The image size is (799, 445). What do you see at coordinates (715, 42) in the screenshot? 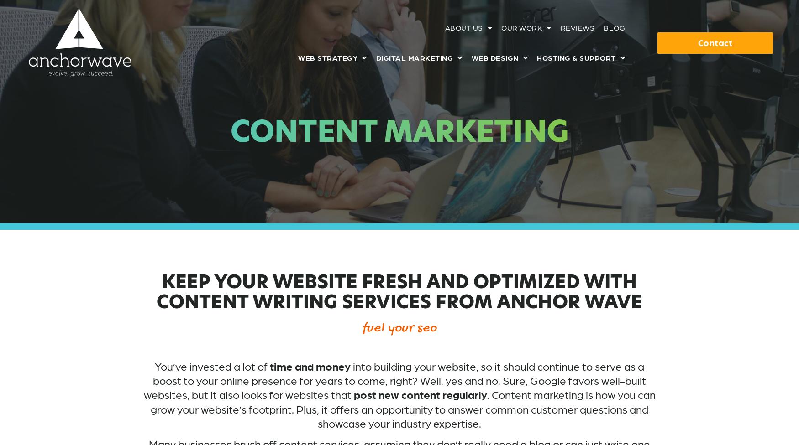
I see `'Contact'` at bounding box center [715, 42].